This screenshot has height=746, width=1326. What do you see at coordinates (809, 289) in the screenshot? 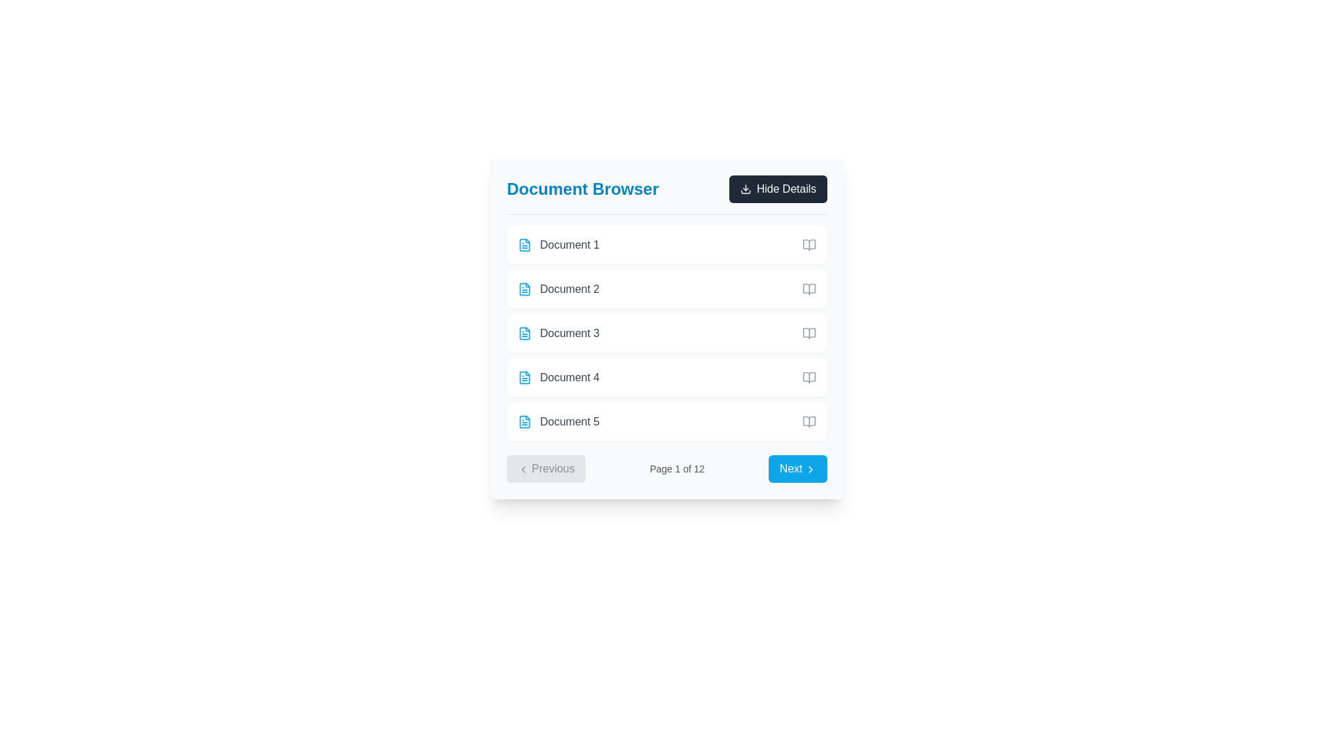
I see `the icon representing the action` at bounding box center [809, 289].